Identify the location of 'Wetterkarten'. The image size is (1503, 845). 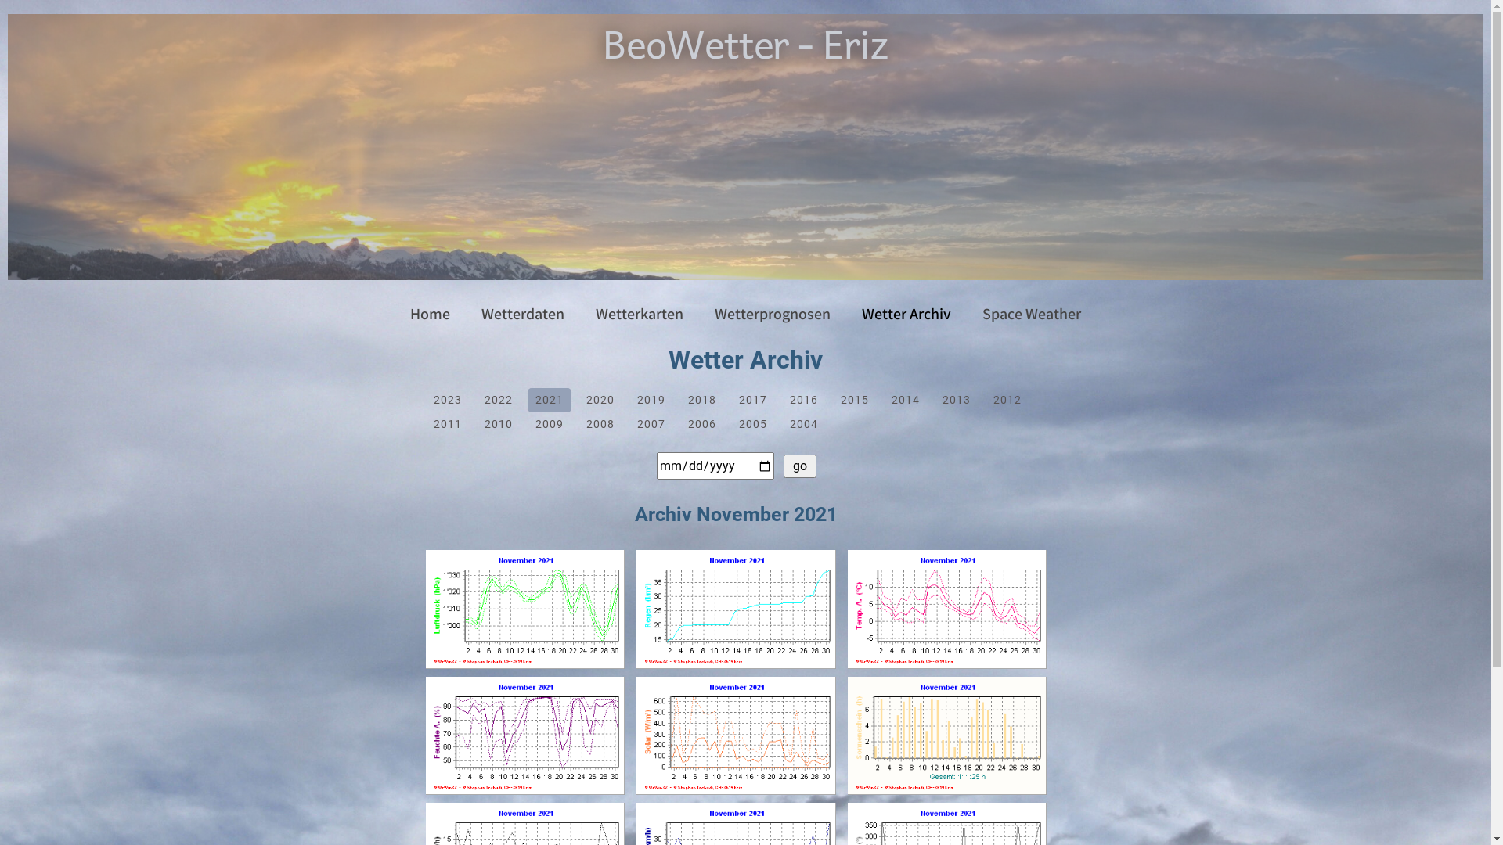
(639, 314).